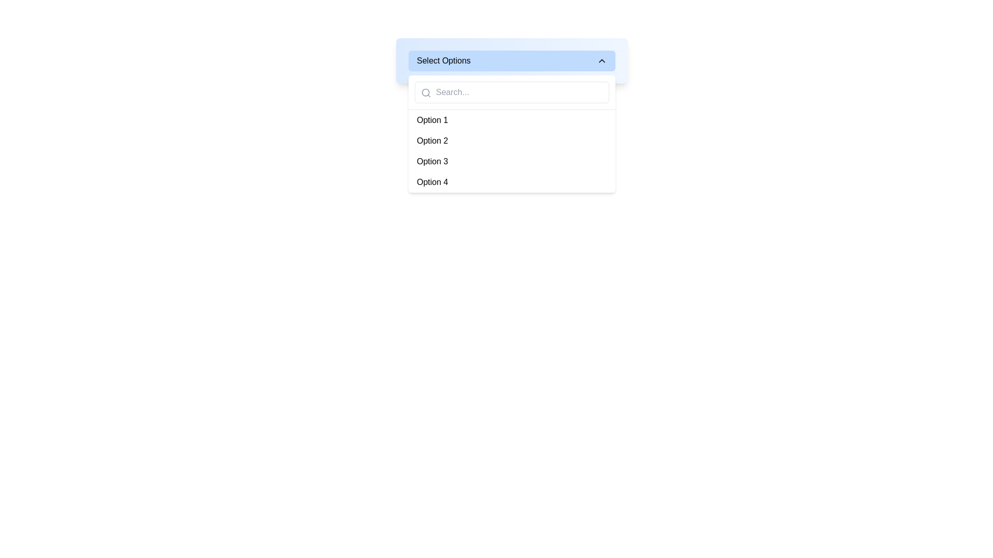 The height and width of the screenshot is (558, 993). Describe the element at coordinates (426, 92) in the screenshot. I see `the circular graphical component of the search icon located at the left side of the search input area in the dropdown interface` at that location.